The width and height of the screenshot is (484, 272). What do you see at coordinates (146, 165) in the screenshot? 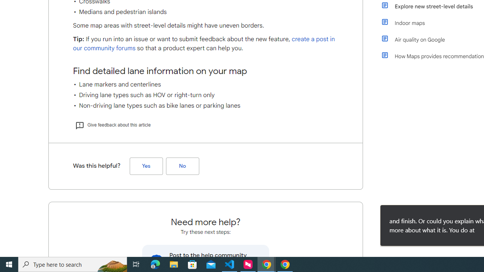
I see `'Yes (Was this helpful?)'` at bounding box center [146, 165].